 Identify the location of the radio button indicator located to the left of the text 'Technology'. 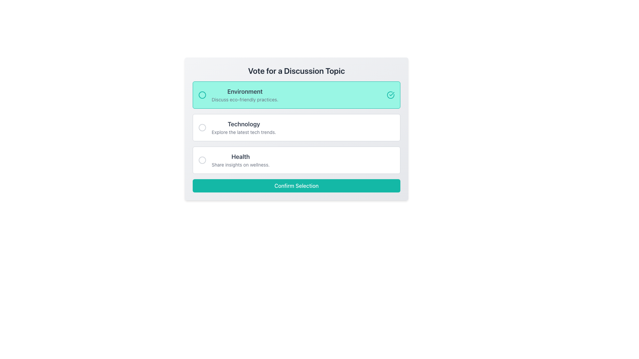
(202, 128).